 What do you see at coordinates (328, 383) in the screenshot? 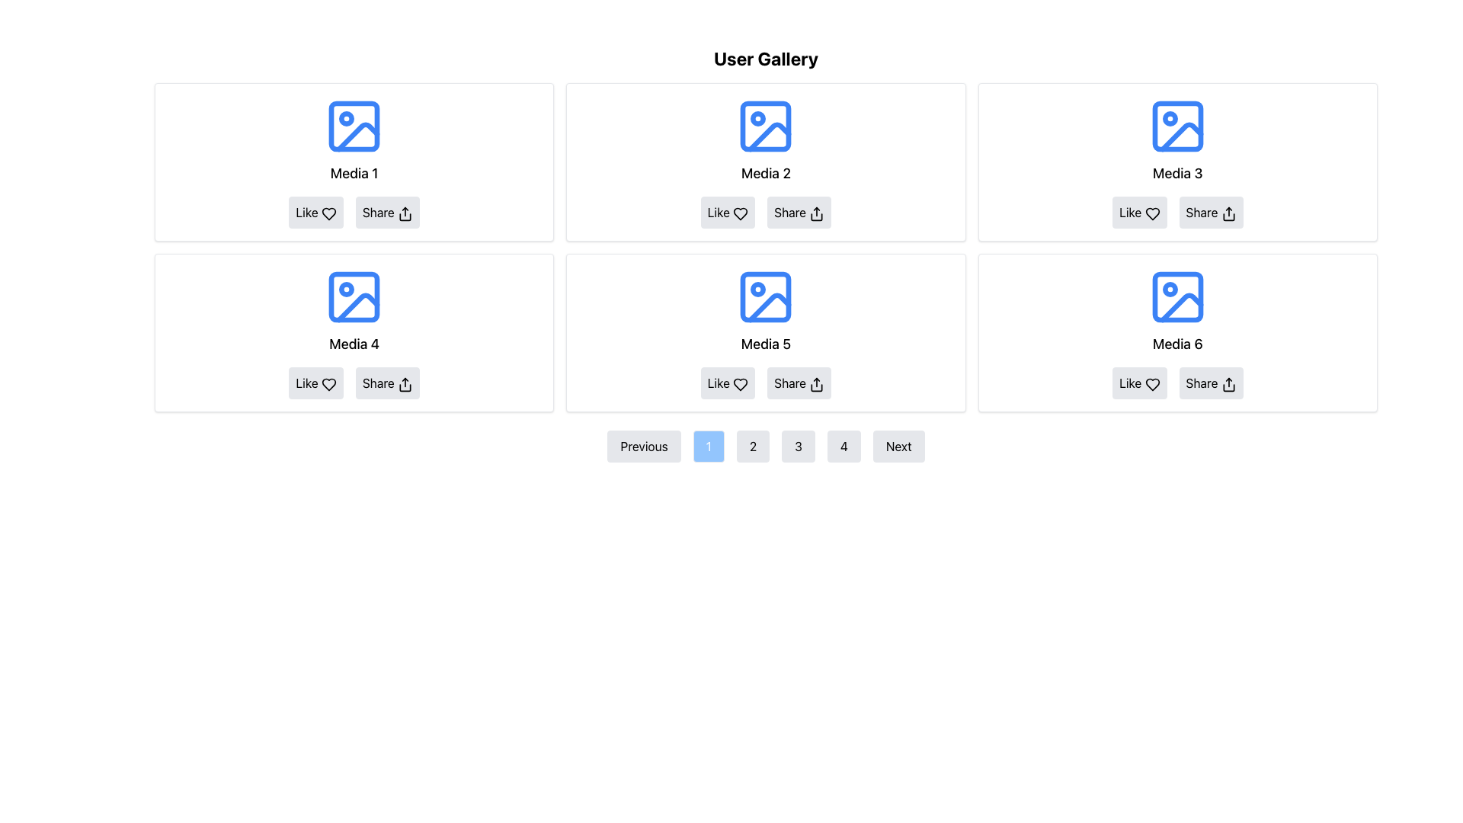
I see `on the heart-shaped icon within the 'Like' button for 'Media 4'` at bounding box center [328, 383].